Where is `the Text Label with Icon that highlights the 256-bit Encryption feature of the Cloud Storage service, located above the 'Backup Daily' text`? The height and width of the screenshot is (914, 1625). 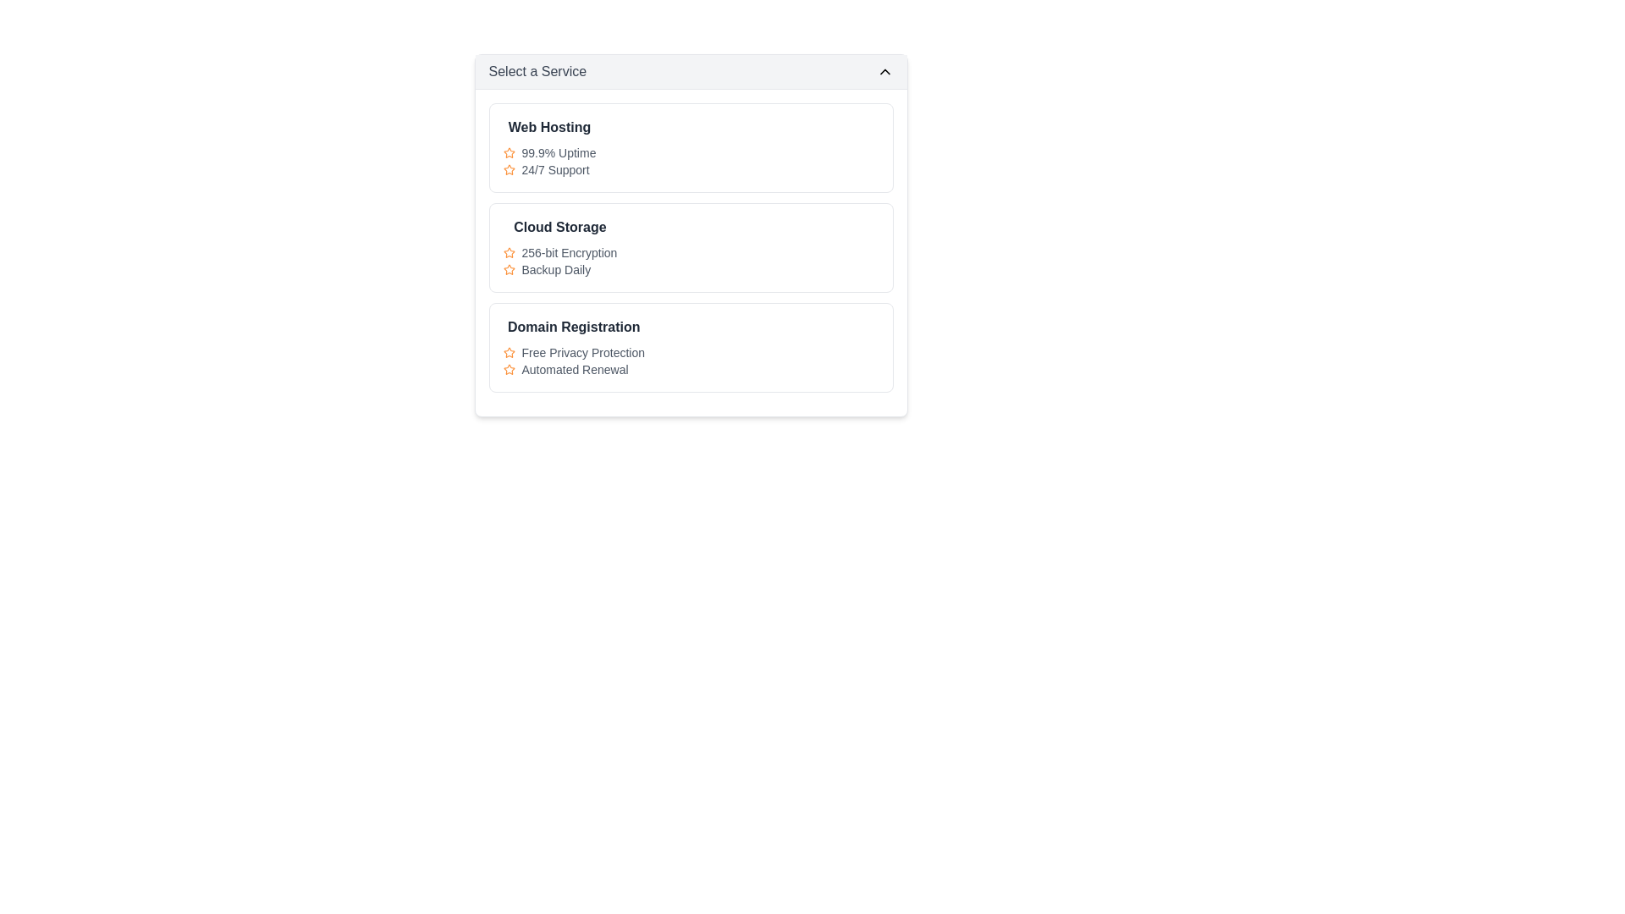 the Text Label with Icon that highlights the 256-bit Encryption feature of the Cloud Storage service, located above the 'Backup Daily' text is located at coordinates (560, 253).